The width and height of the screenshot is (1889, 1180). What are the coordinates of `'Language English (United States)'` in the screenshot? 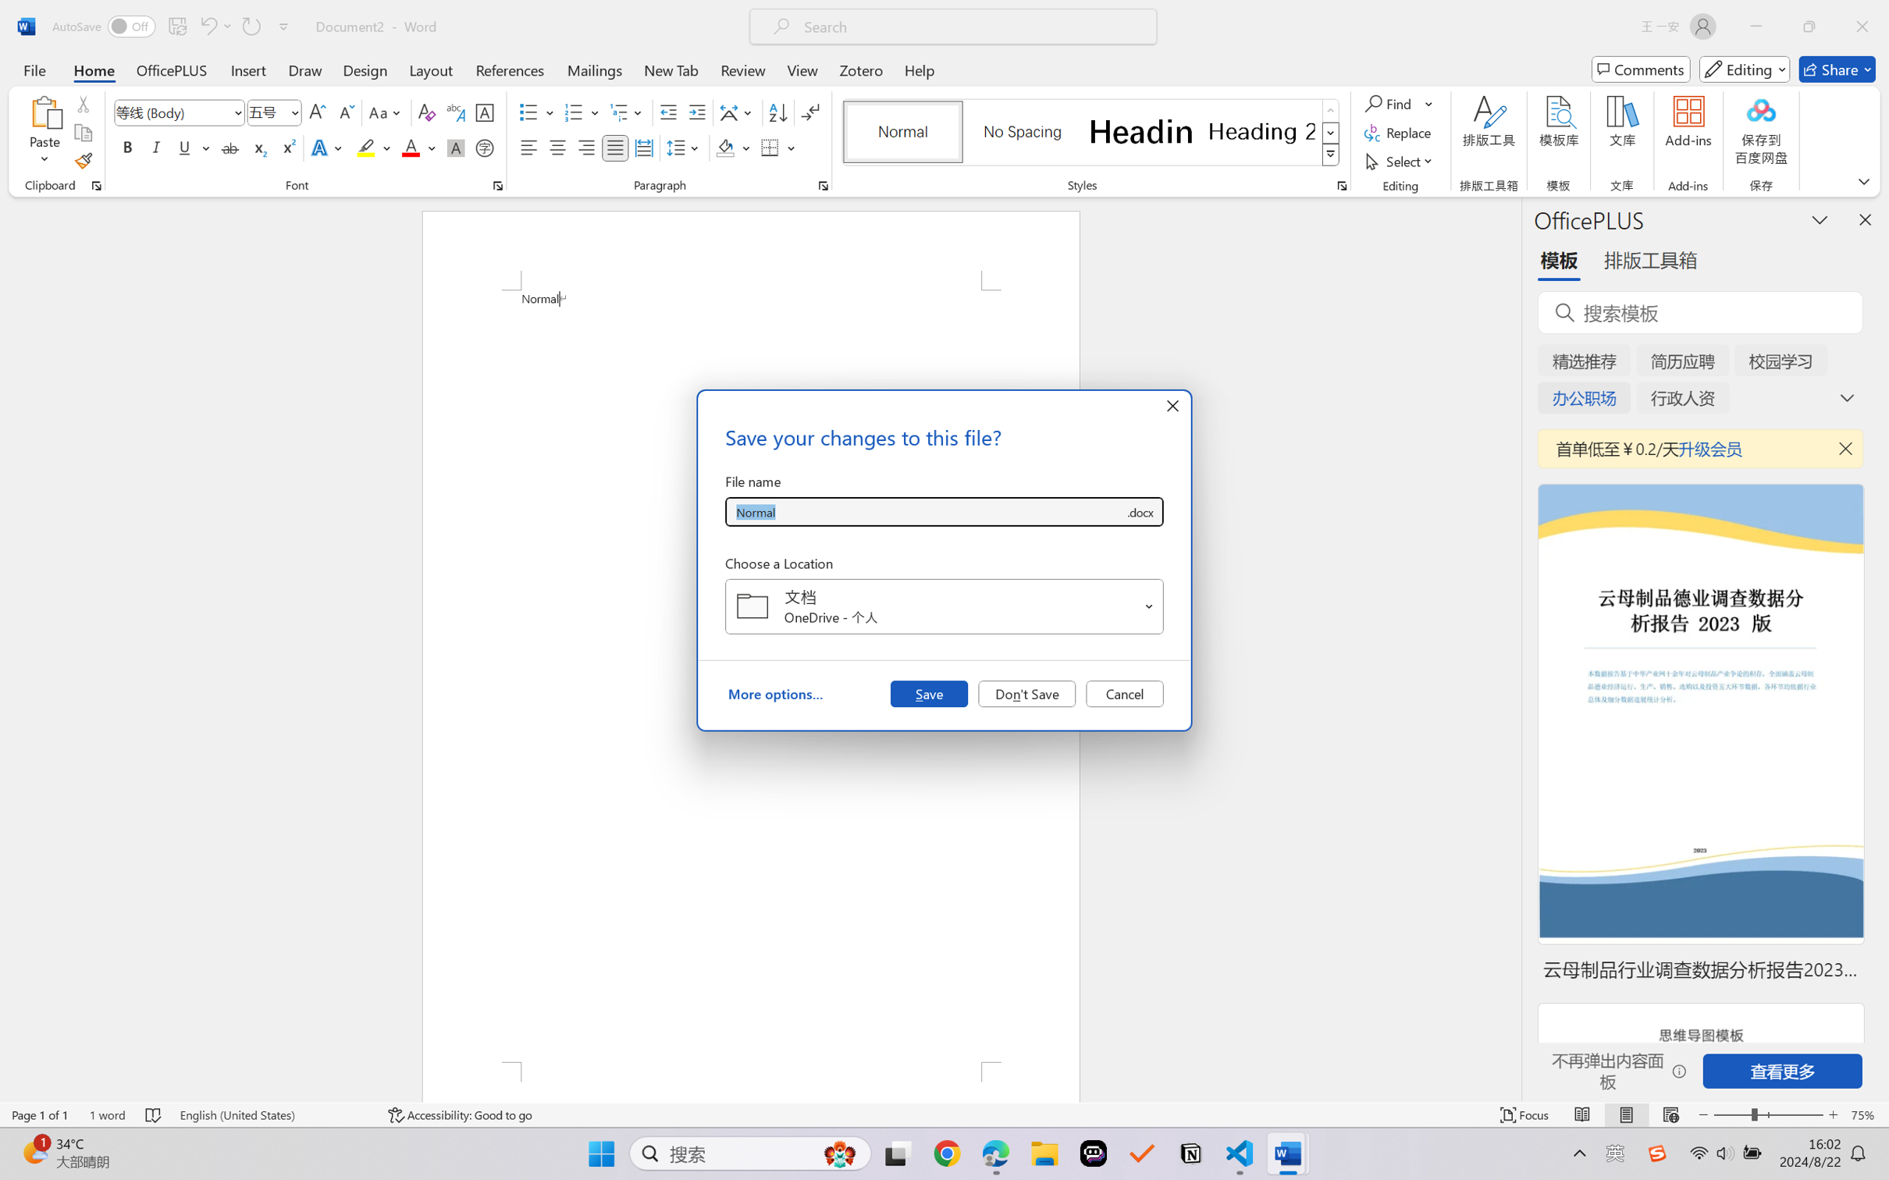 It's located at (273, 1114).